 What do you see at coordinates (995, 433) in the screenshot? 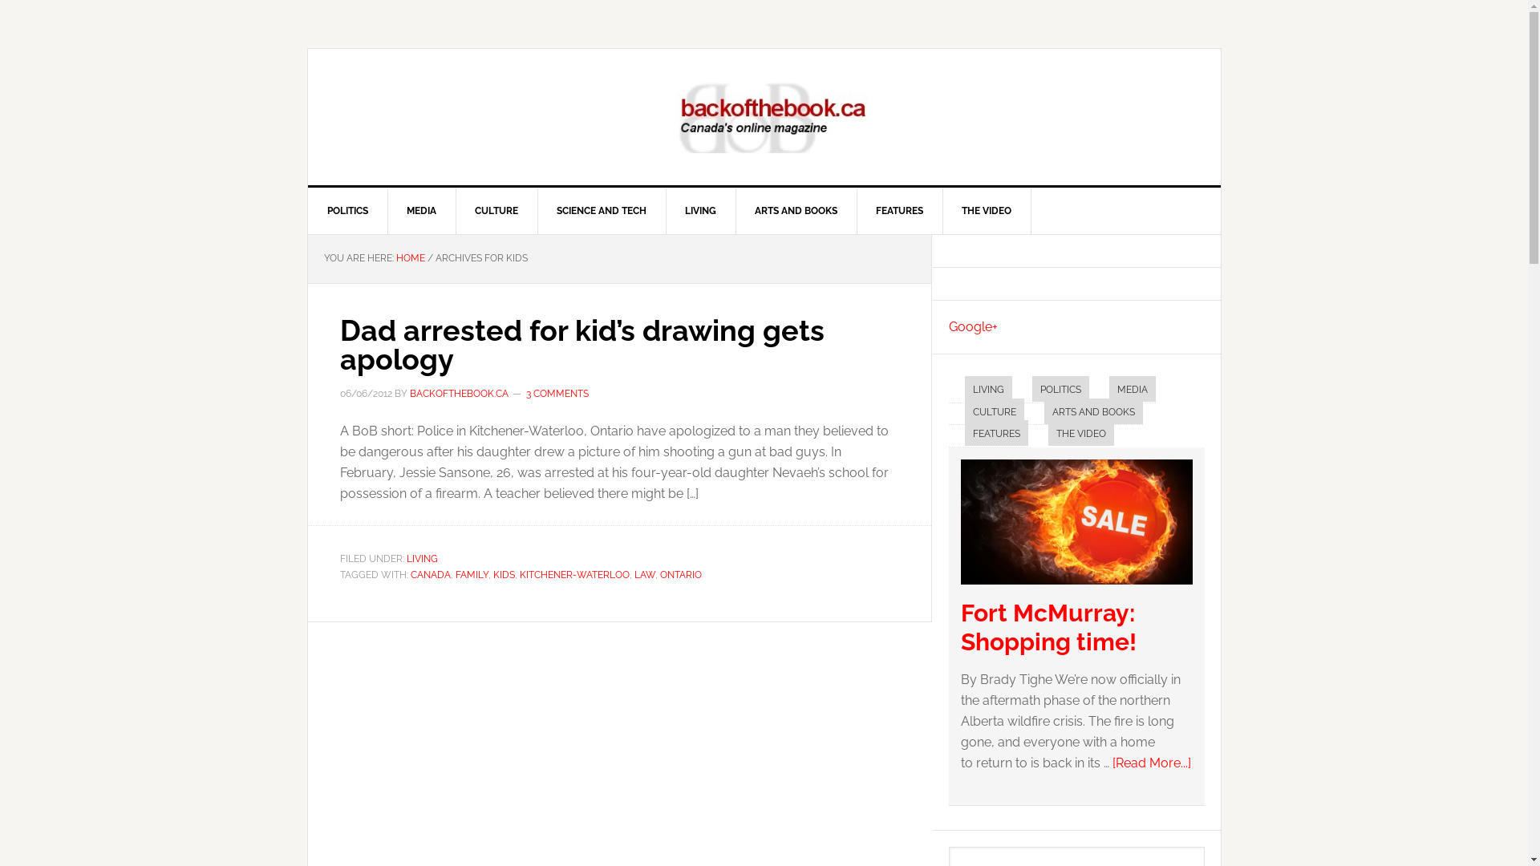
I see `'FEATURES'` at bounding box center [995, 433].